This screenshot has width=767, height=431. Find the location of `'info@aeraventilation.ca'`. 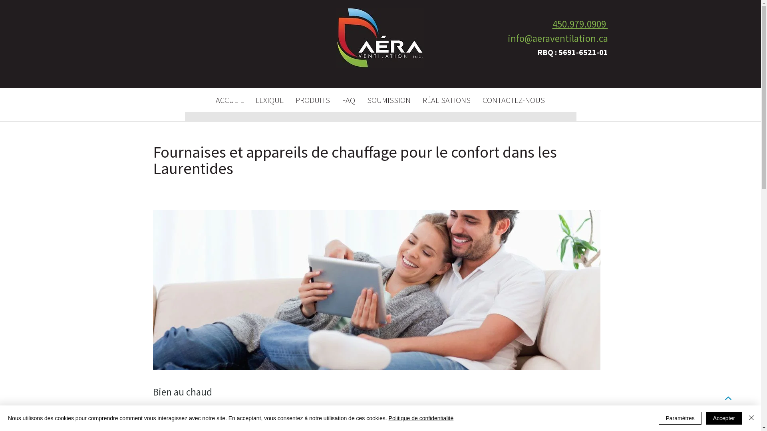

'info@aeraventilation.ca' is located at coordinates (557, 40).